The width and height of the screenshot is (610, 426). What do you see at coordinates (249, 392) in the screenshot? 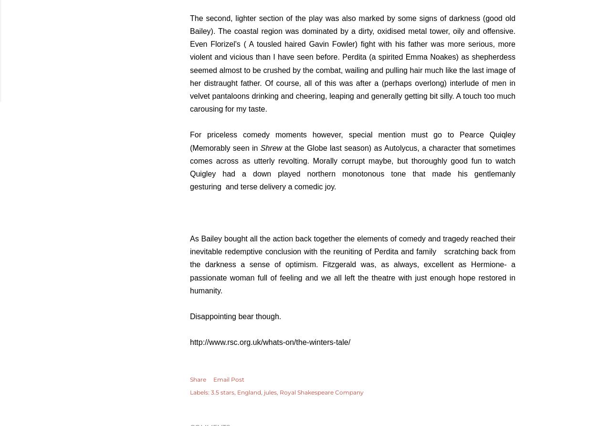
I see `'England'` at bounding box center [249, 392].